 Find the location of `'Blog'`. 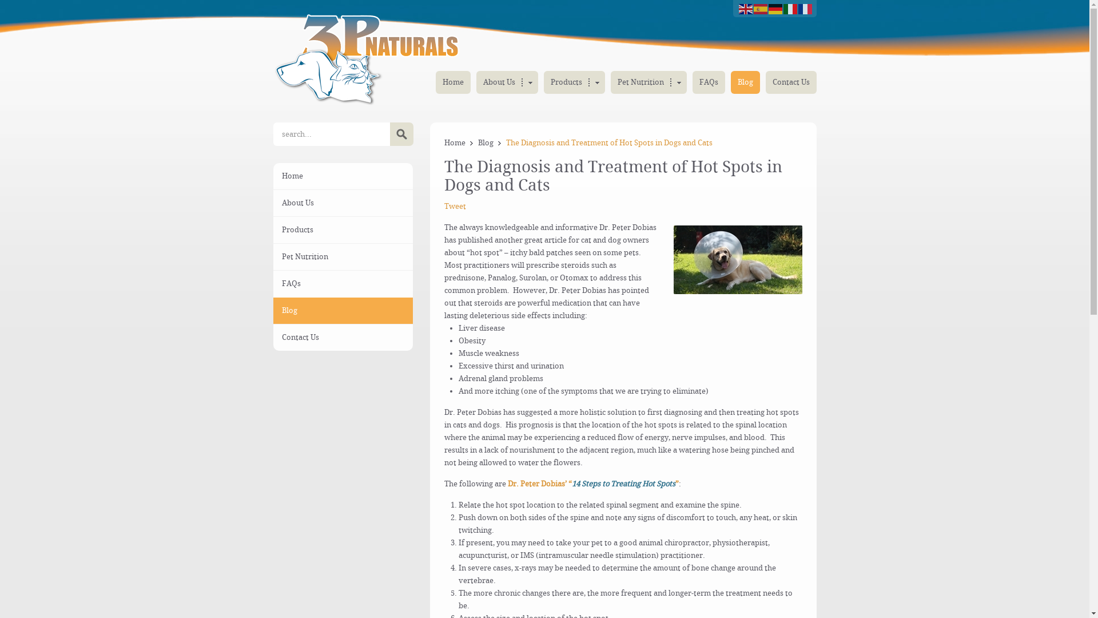

'Blog' is located at coordinates (273, 311).